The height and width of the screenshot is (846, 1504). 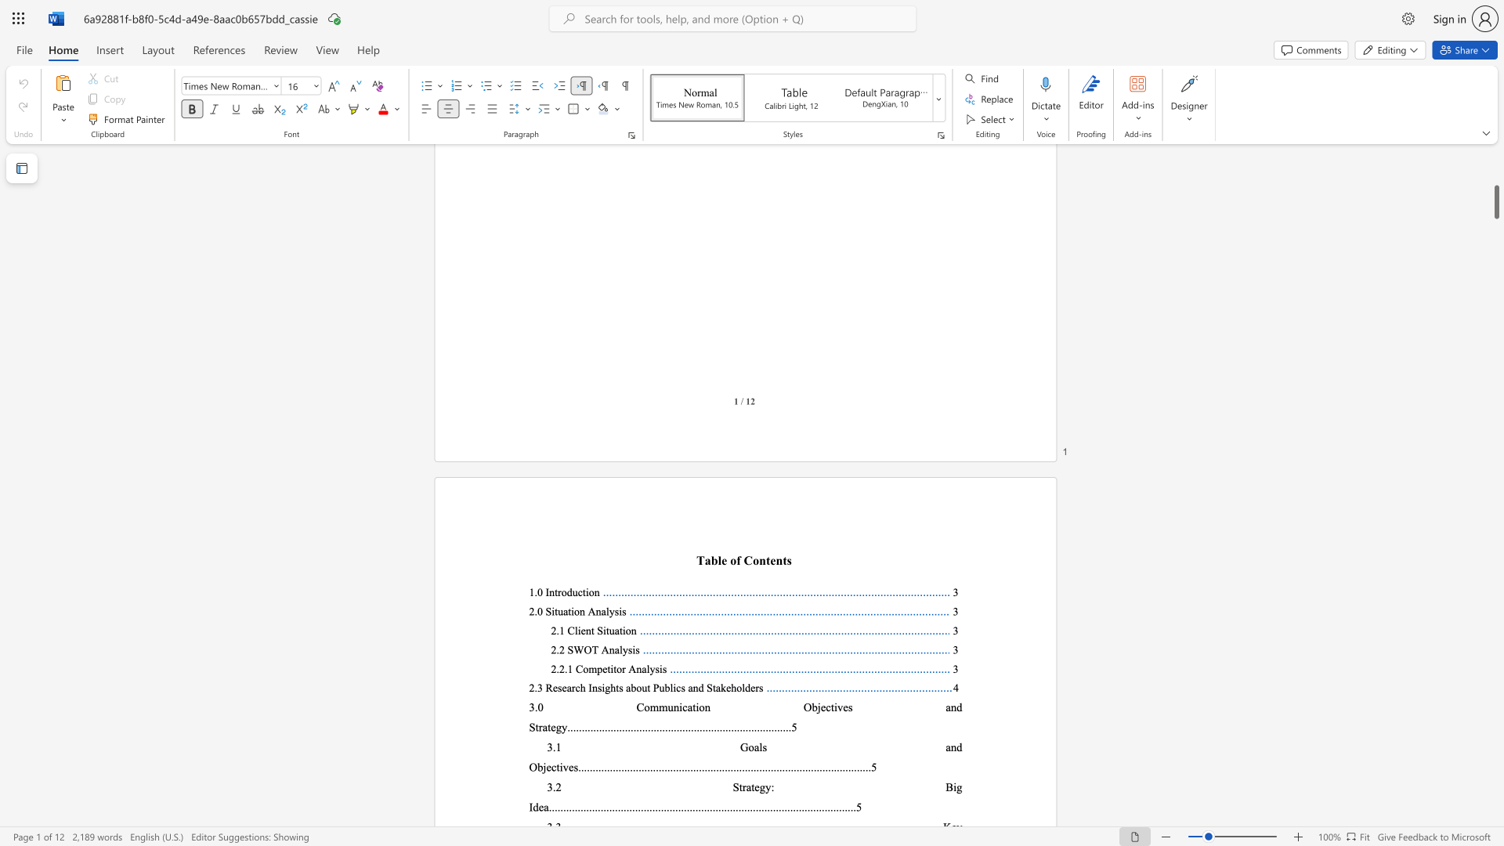 What do you see at coordinates (1495, 201) in the screenshot?
I see `the scrollbar and move up 20 pixels` at bounding box center [1495, 201].